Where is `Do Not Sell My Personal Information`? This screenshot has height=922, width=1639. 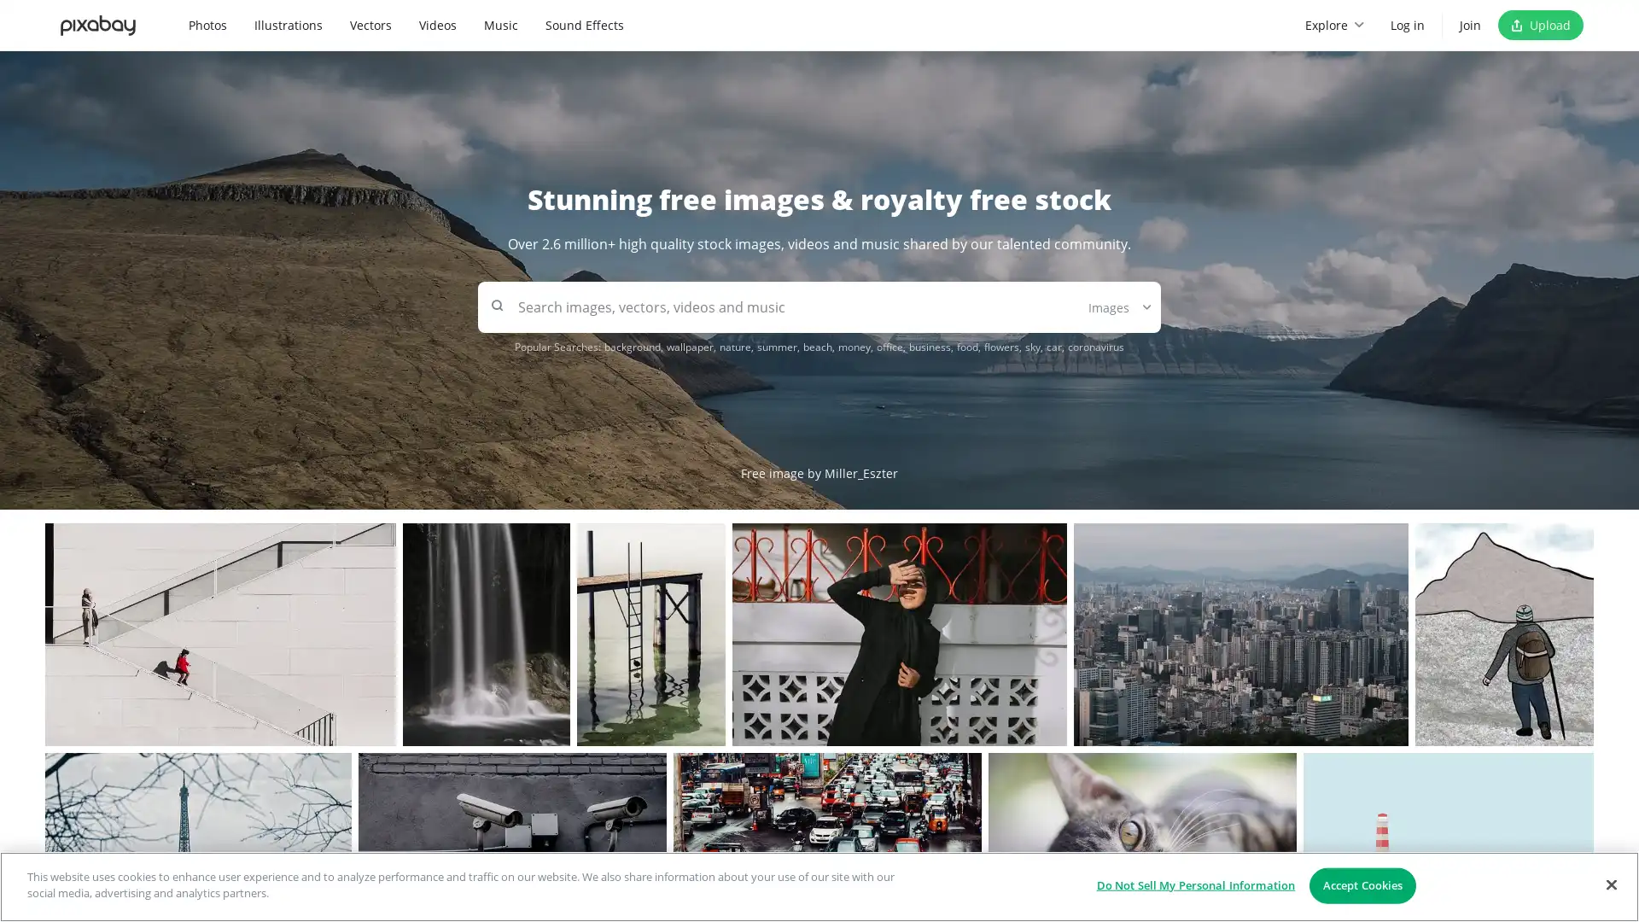
Do Not Sell My Personal Information is located at coordinates (1194, 884).